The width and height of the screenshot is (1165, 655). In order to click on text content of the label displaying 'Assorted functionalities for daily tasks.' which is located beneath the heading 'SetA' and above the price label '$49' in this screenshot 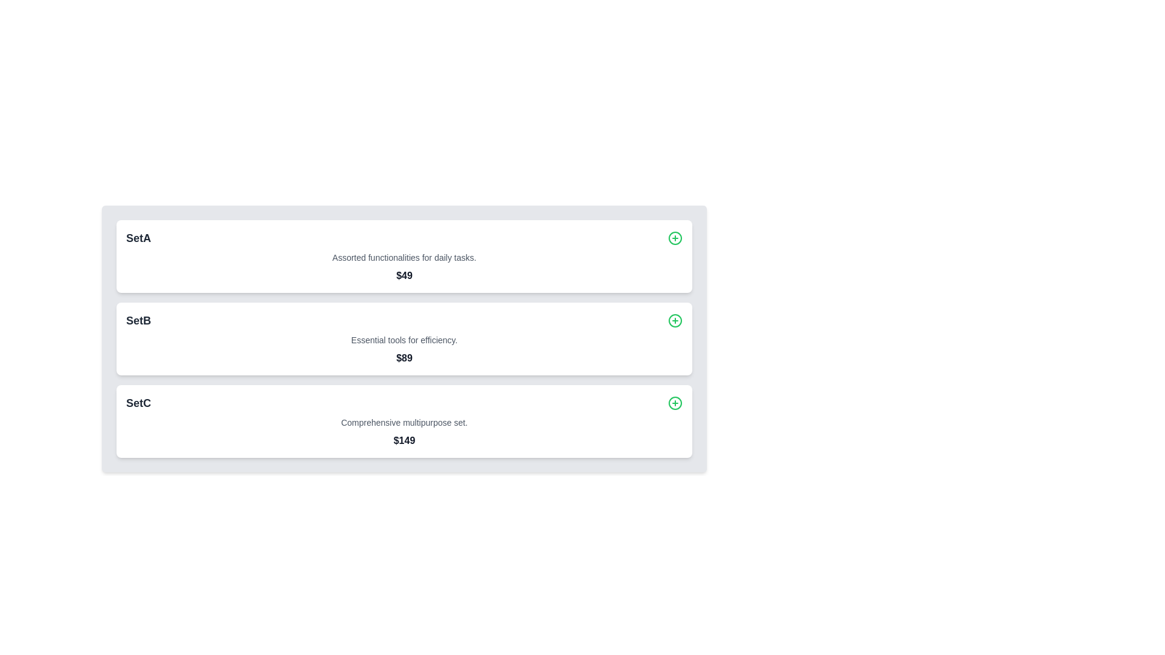, I will do `click(404, 257)`.